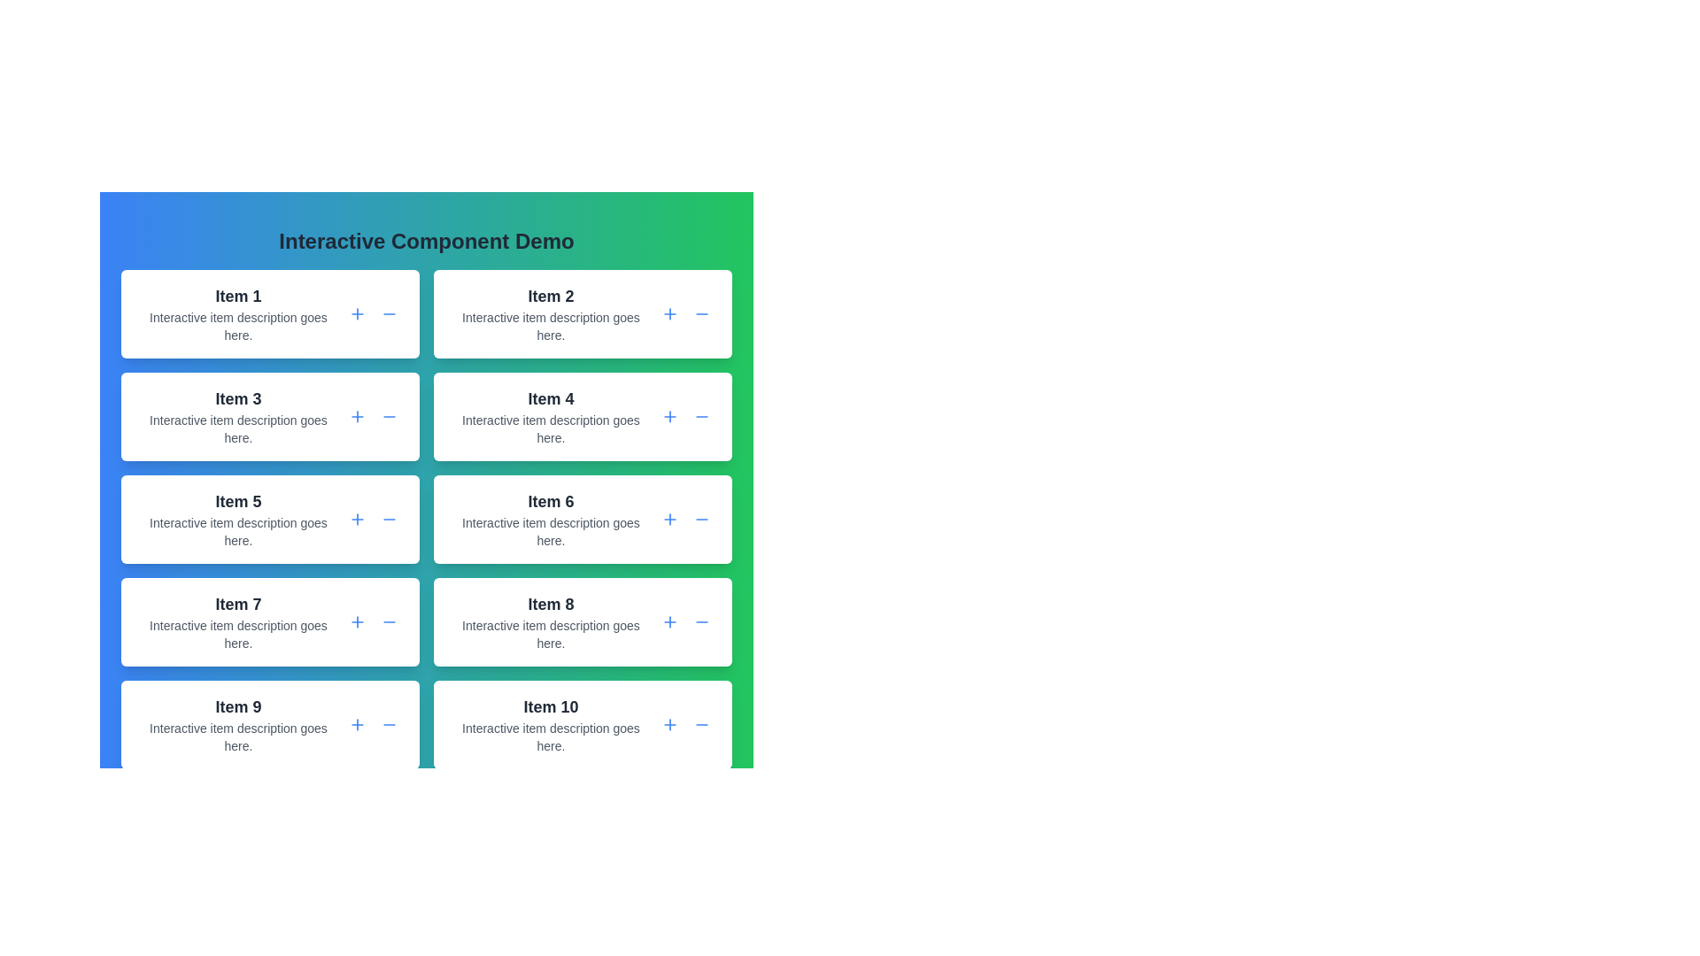 The image size is (1700, 956). Describe the element at coordinates (356, 518) in the screenshot. I see `the plus icon button located within the blue circular button on the right side of the row labeled 'Item 5', which is to the left of the minus icon` at that location.